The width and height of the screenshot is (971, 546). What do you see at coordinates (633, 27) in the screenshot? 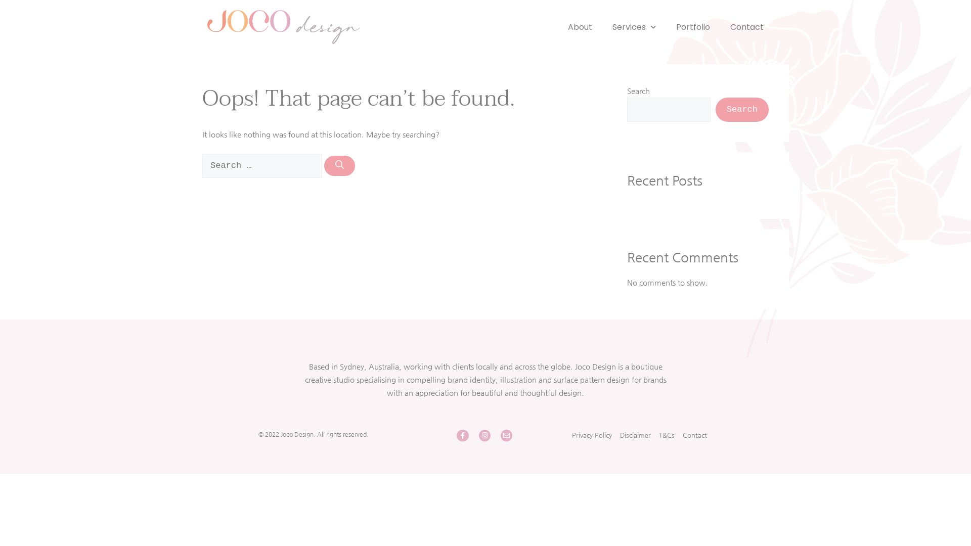
I see `'Services'` at bounding box center [633, 27].